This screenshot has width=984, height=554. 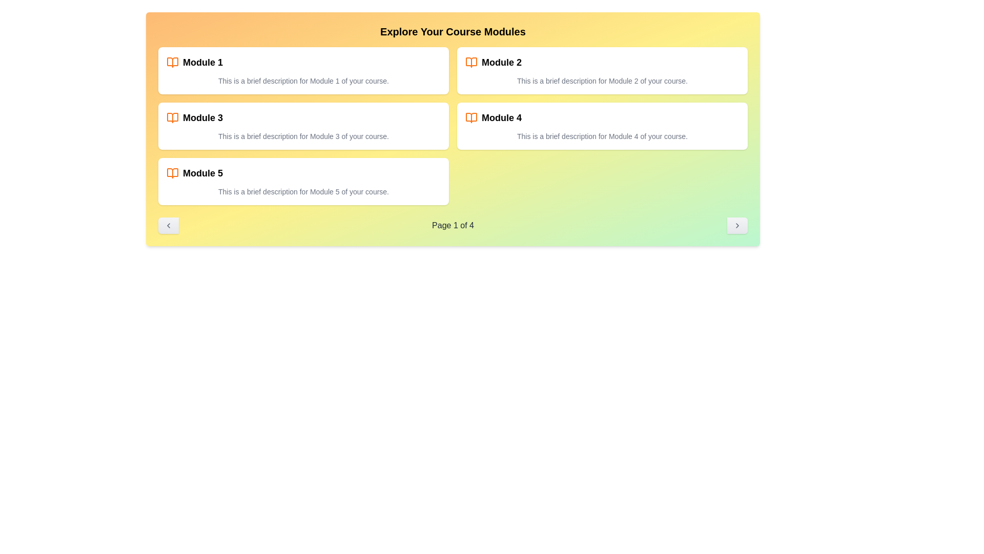 I want to click on text content of the bold header that displays 'Explore Your Course Modules', prominently positioned at the top of the interface with a yellow gradient background, so click(x=452, y=31).